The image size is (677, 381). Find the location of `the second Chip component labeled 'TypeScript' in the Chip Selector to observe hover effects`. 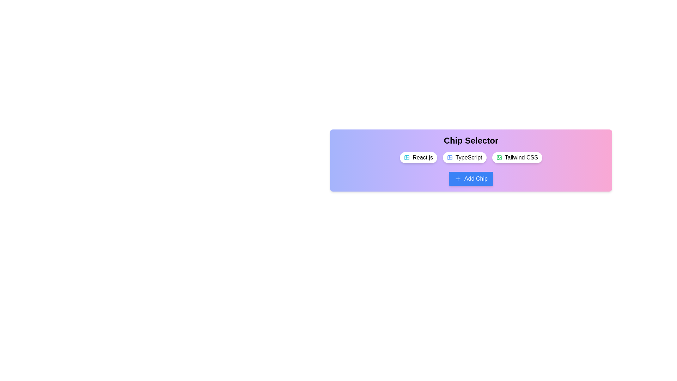

the second Chip component labeled 'TypeScript' in the Chip Selector to observe hover effects is located at coordinates (464, 157).